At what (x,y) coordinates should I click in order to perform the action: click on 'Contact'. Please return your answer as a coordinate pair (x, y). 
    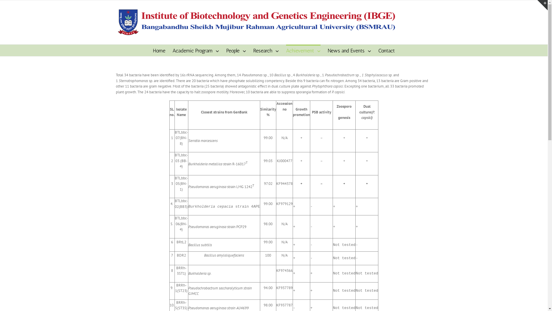
    Looking at the image, I should click on (386, 50).